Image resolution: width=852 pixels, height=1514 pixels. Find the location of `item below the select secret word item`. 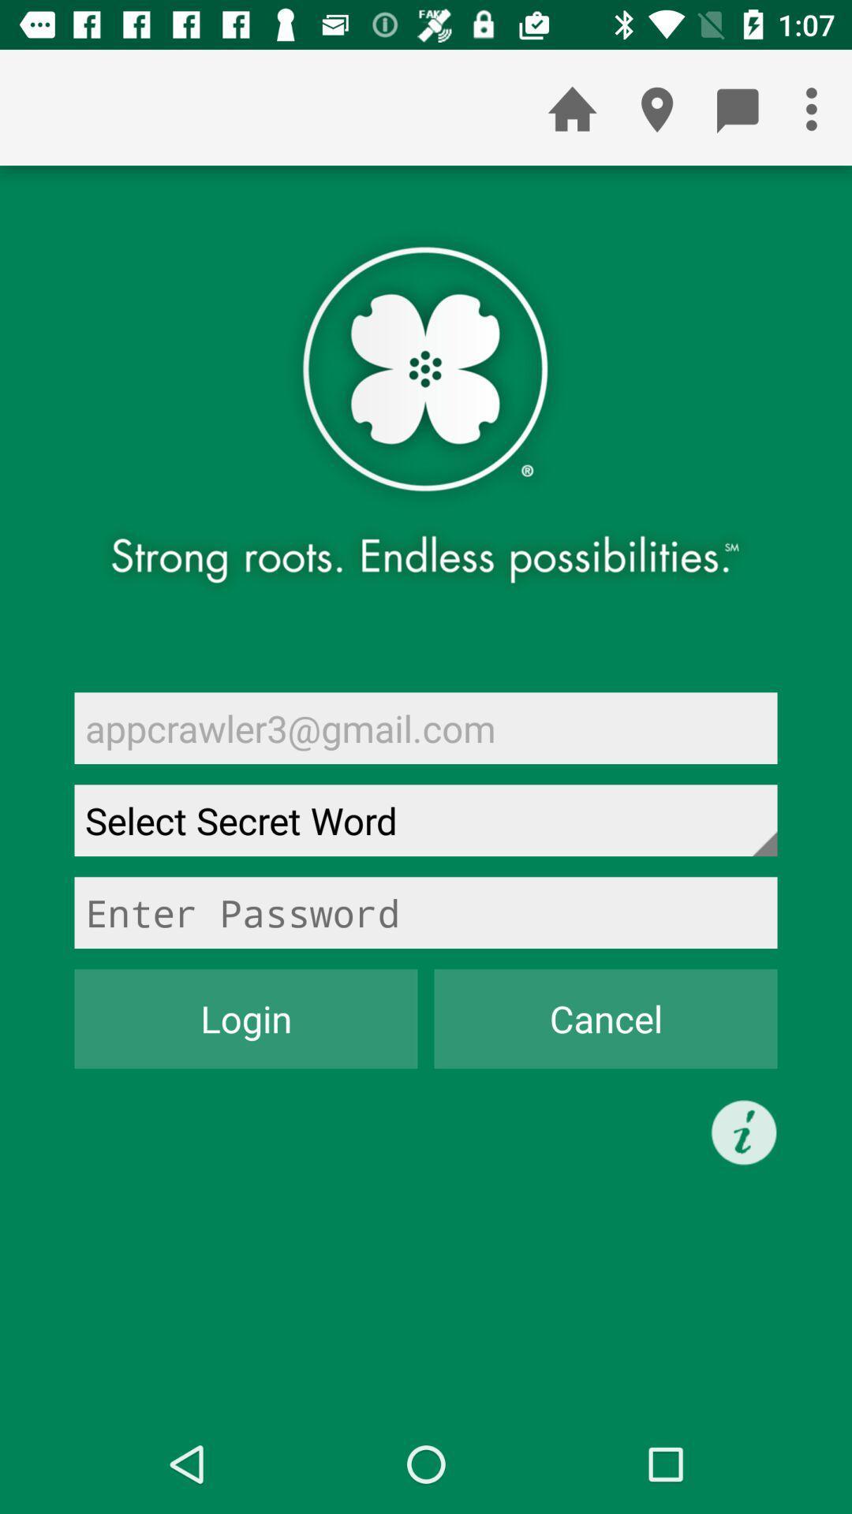

item below the select secret word item is located at coordinates (426, 912).